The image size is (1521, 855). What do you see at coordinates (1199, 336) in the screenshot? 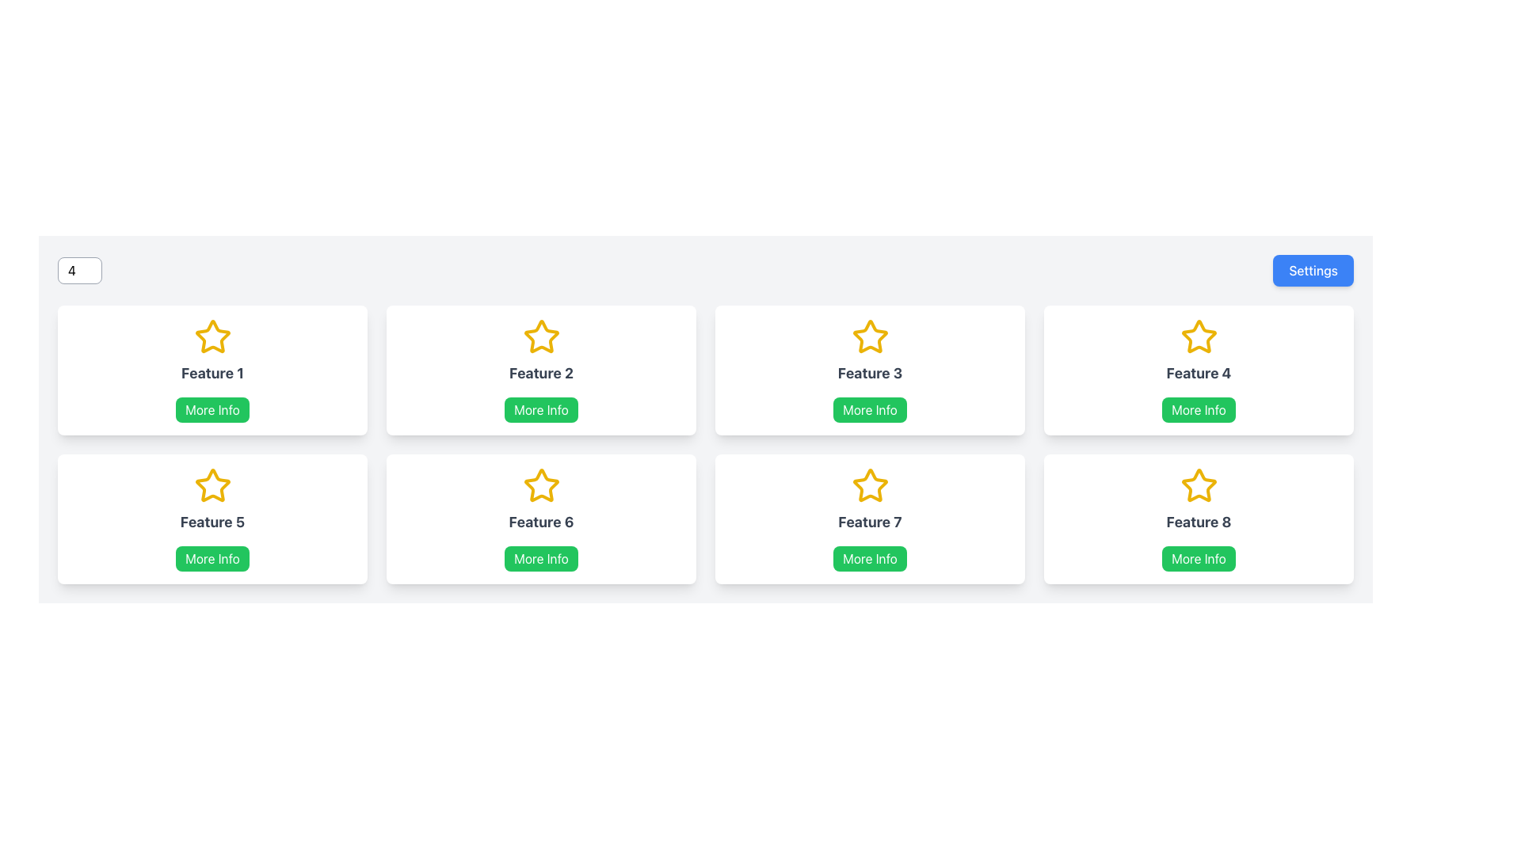
I see `the yellow star icon with a hollow center located at the top-center of the 'Feature 4' card, positioned directly above the text 'Feature 4'` at bounding box center [1199, 336].